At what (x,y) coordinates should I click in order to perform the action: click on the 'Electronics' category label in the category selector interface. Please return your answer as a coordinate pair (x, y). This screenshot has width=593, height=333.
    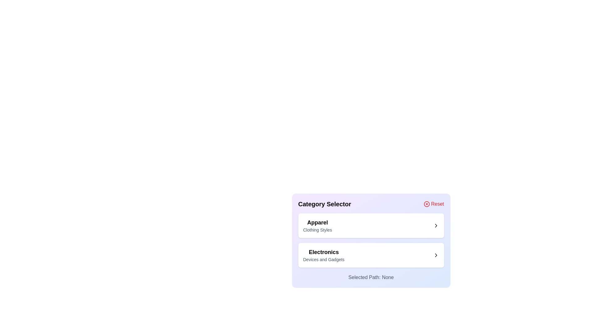
    Looking at the image, I should click on (323, 255).